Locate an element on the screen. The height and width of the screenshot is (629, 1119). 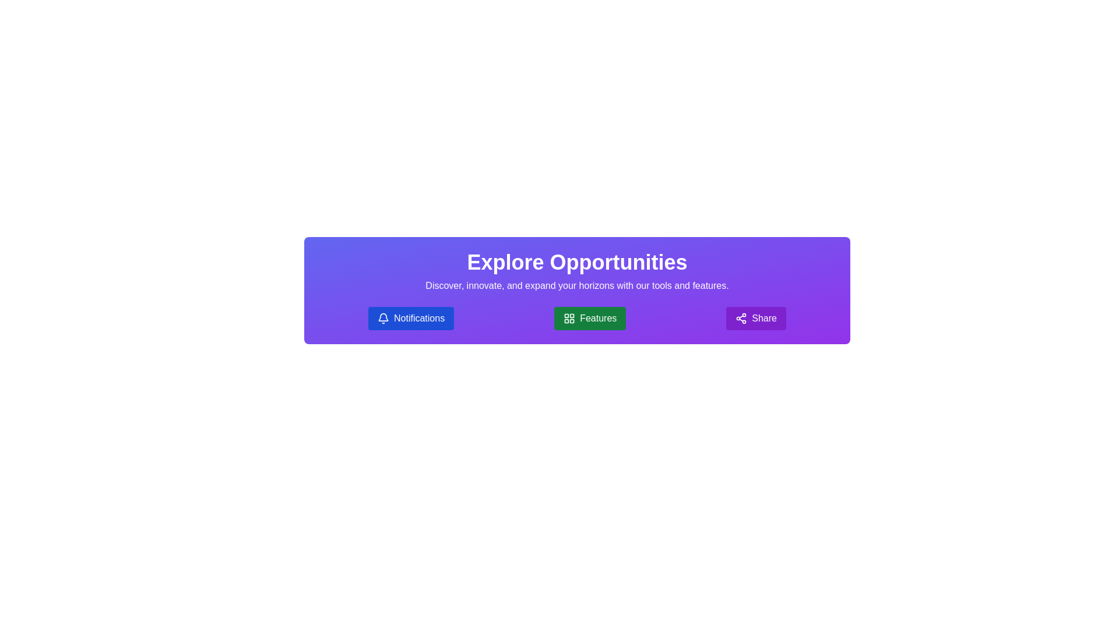
the buttons in the introductory section that provides options for 'Notifications,' 'Features,' or 'Share' is located at coordinates (577, 289).